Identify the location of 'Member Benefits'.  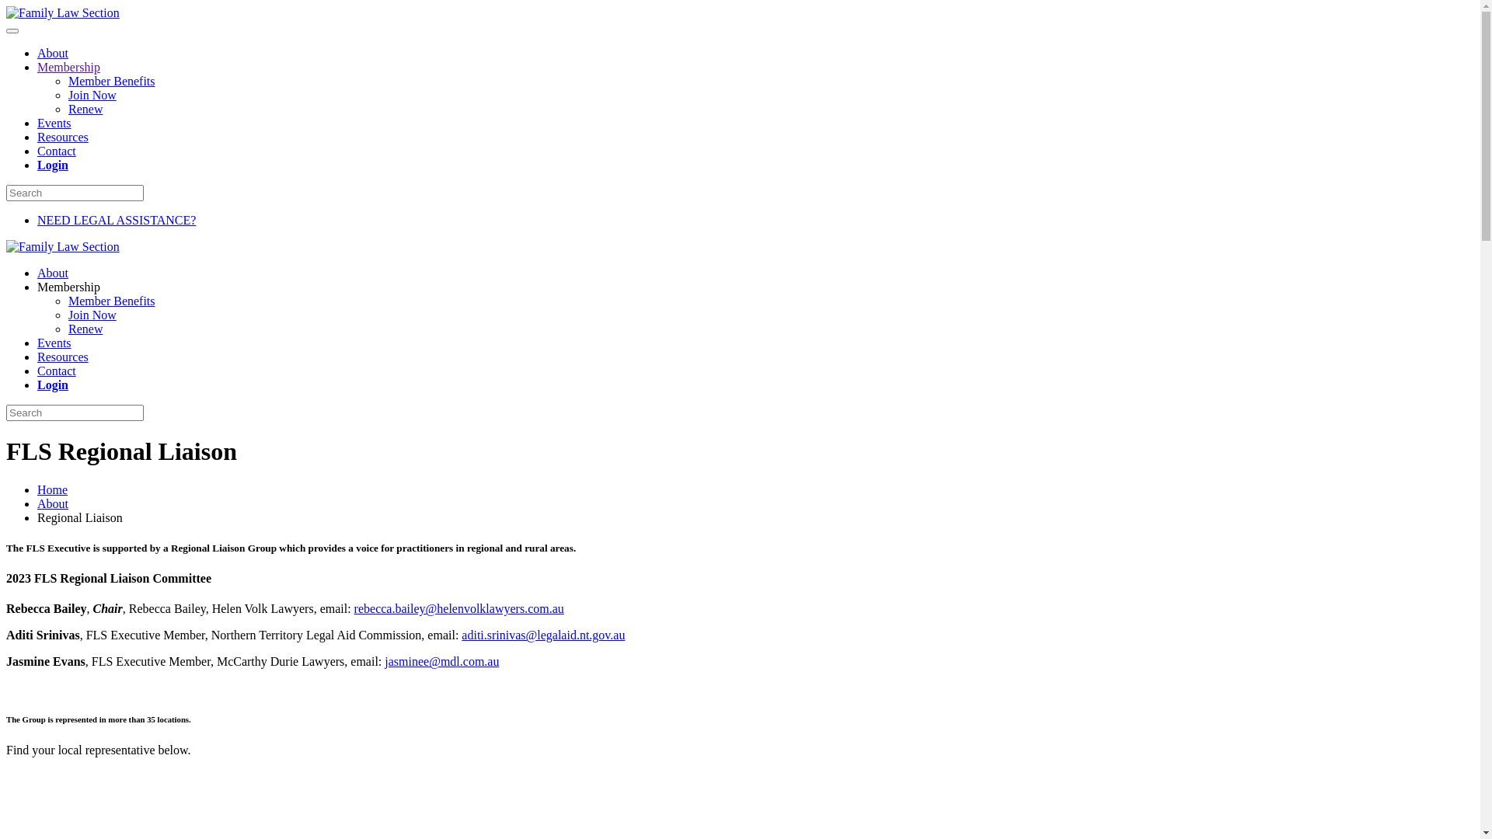
(67, 81).